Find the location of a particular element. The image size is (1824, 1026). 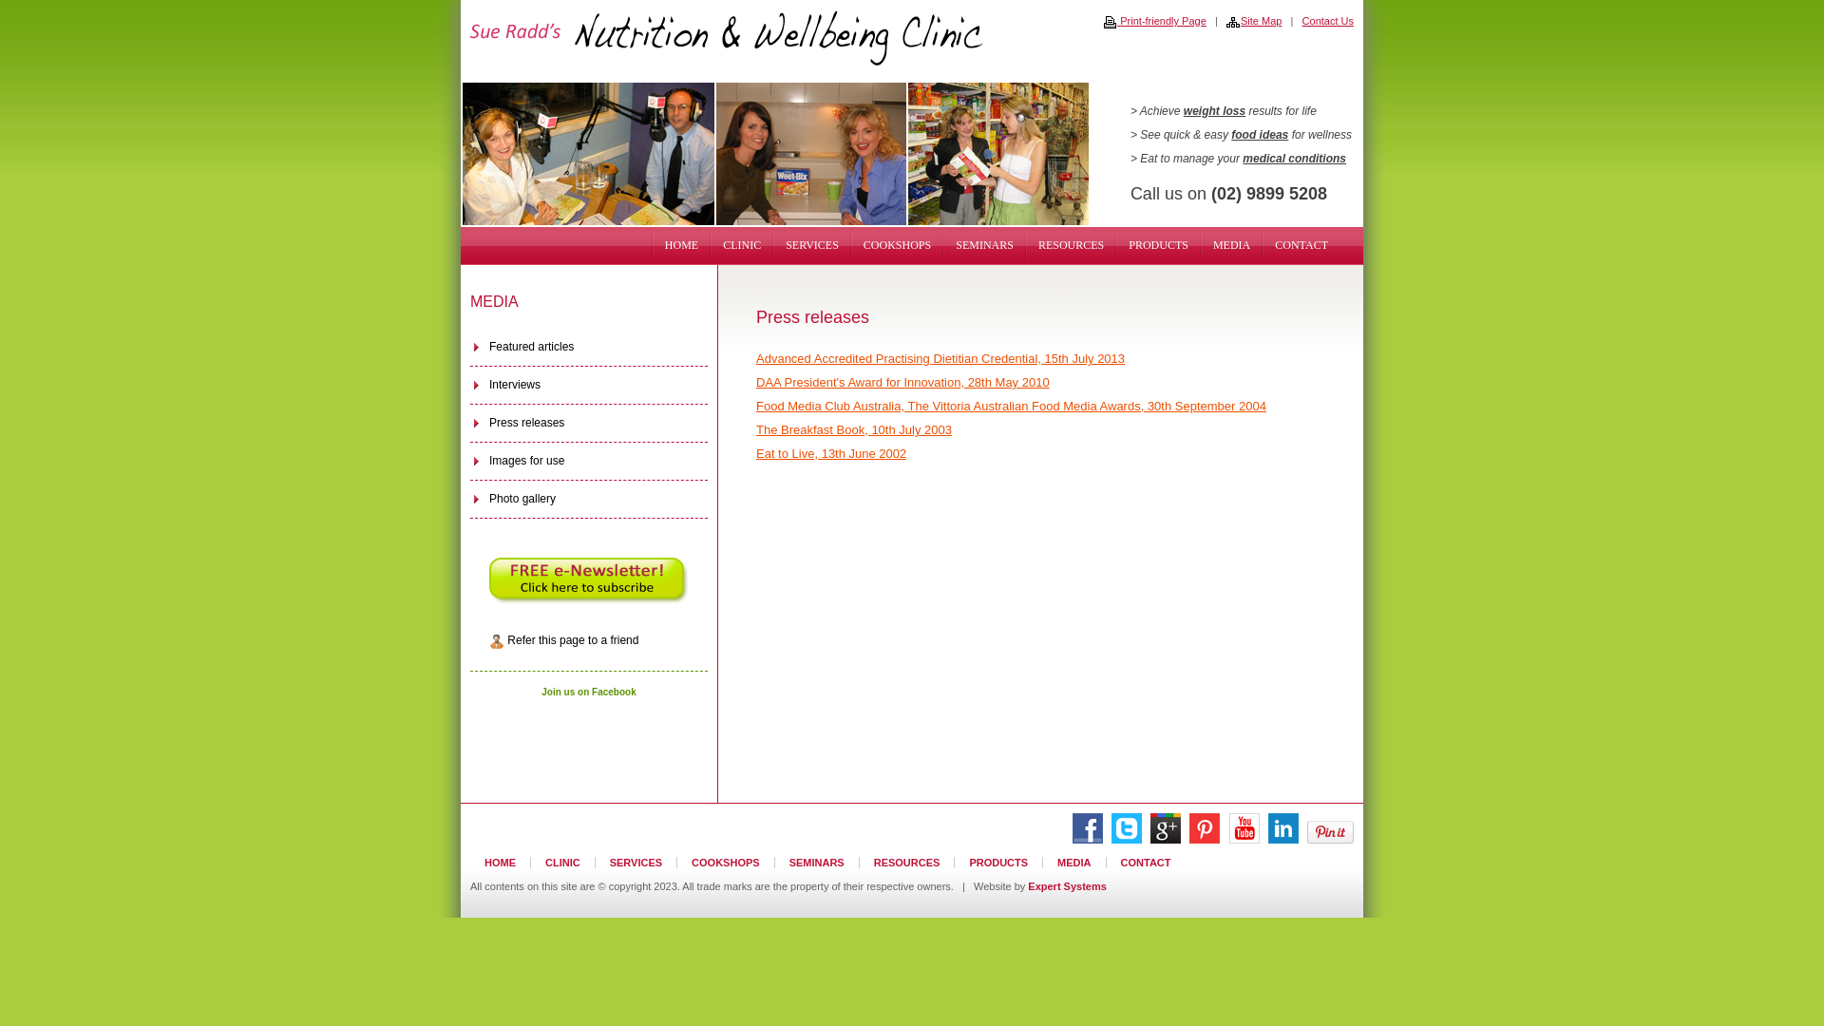

'DAA President's Award for Innovation, 28th May 2010' is located at coordinates (902, 382).